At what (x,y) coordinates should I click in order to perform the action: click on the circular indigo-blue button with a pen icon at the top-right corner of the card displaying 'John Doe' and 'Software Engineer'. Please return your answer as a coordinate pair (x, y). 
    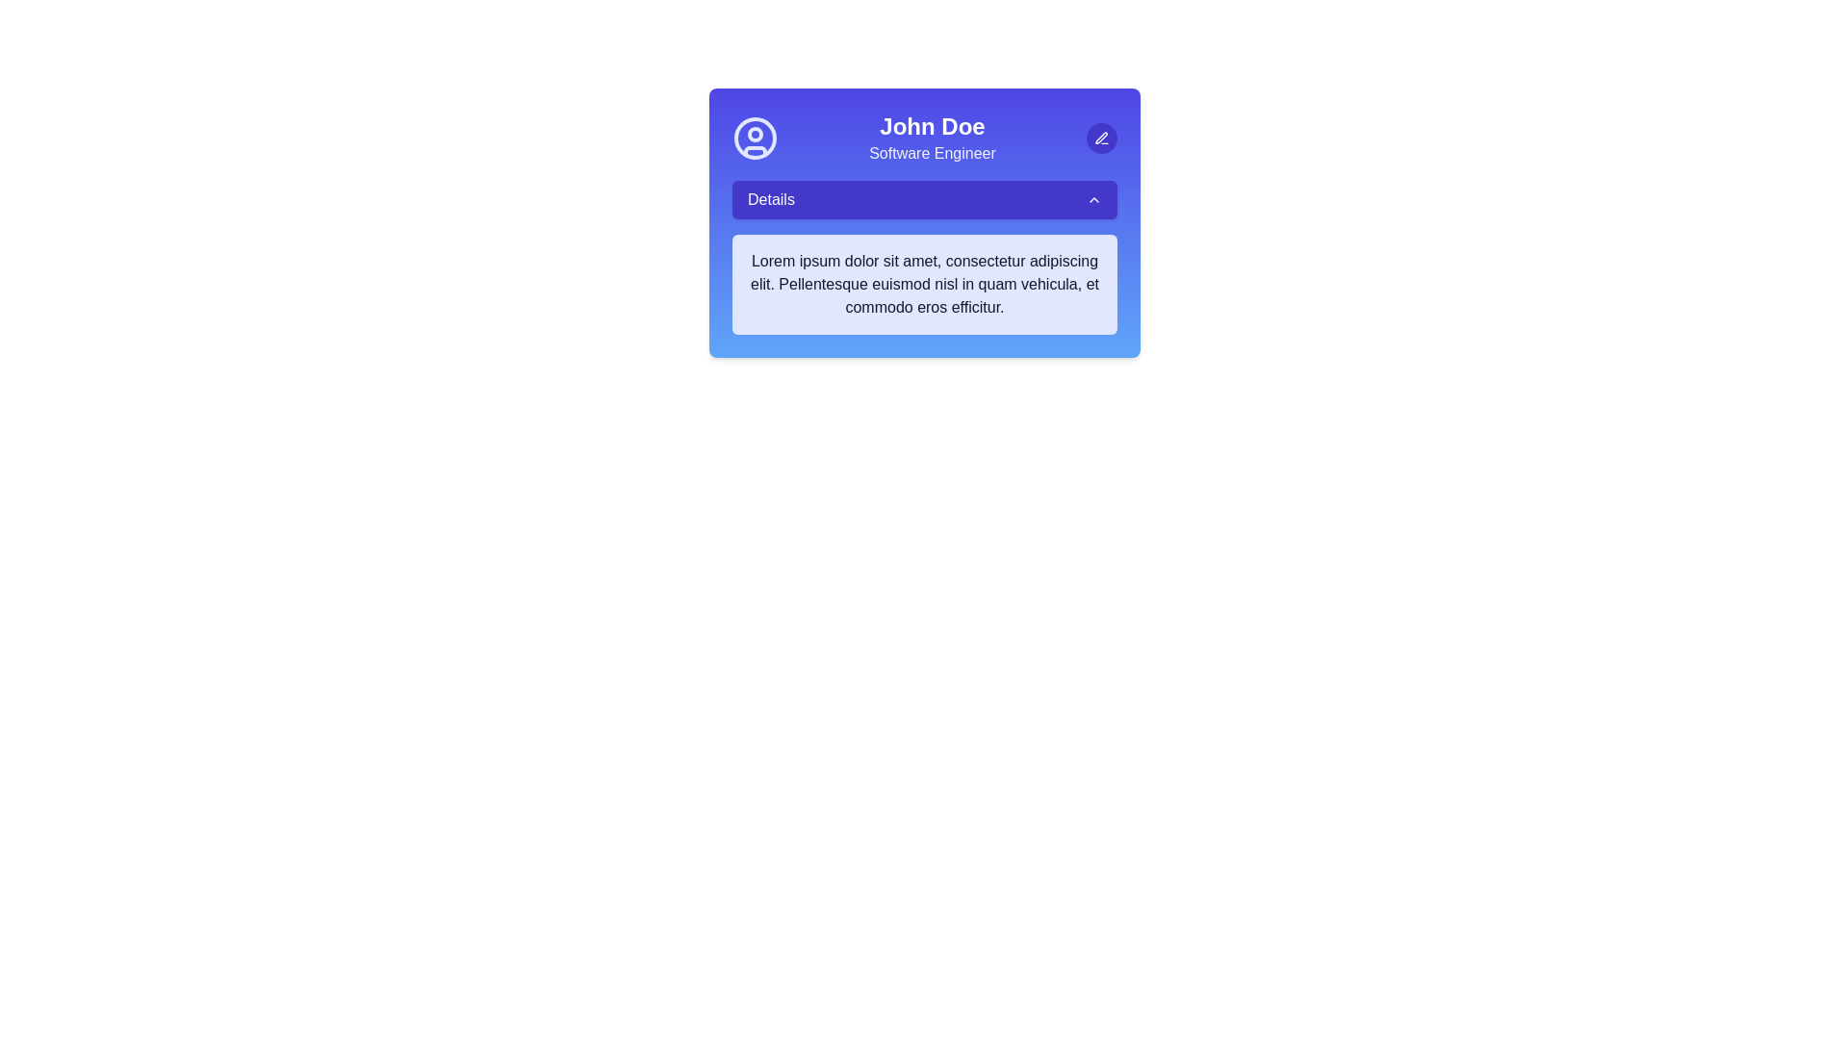
    Looking at the image, I should click on (1102, 137).